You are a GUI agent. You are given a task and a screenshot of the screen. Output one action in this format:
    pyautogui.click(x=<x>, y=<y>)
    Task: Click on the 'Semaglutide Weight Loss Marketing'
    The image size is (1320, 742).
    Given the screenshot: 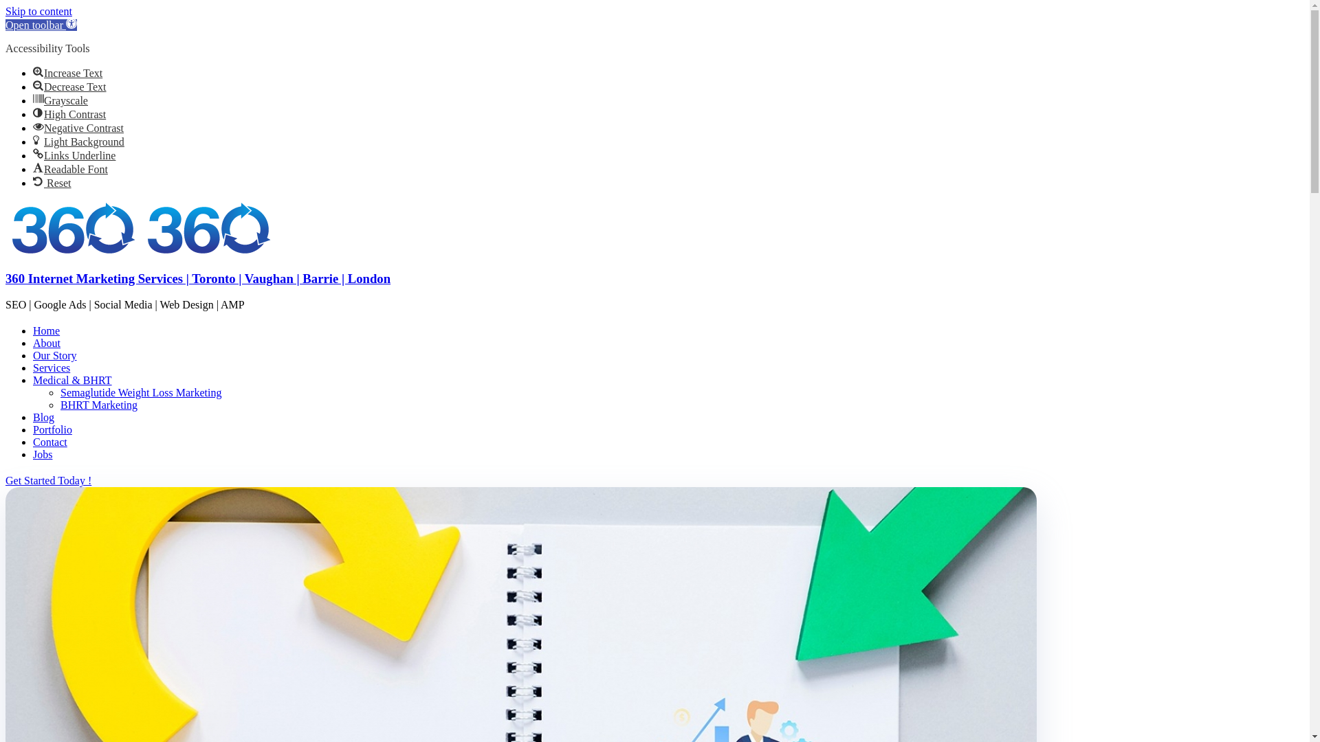 What is the action you would take?
    pyautogui.click(x=141, y=392)
    